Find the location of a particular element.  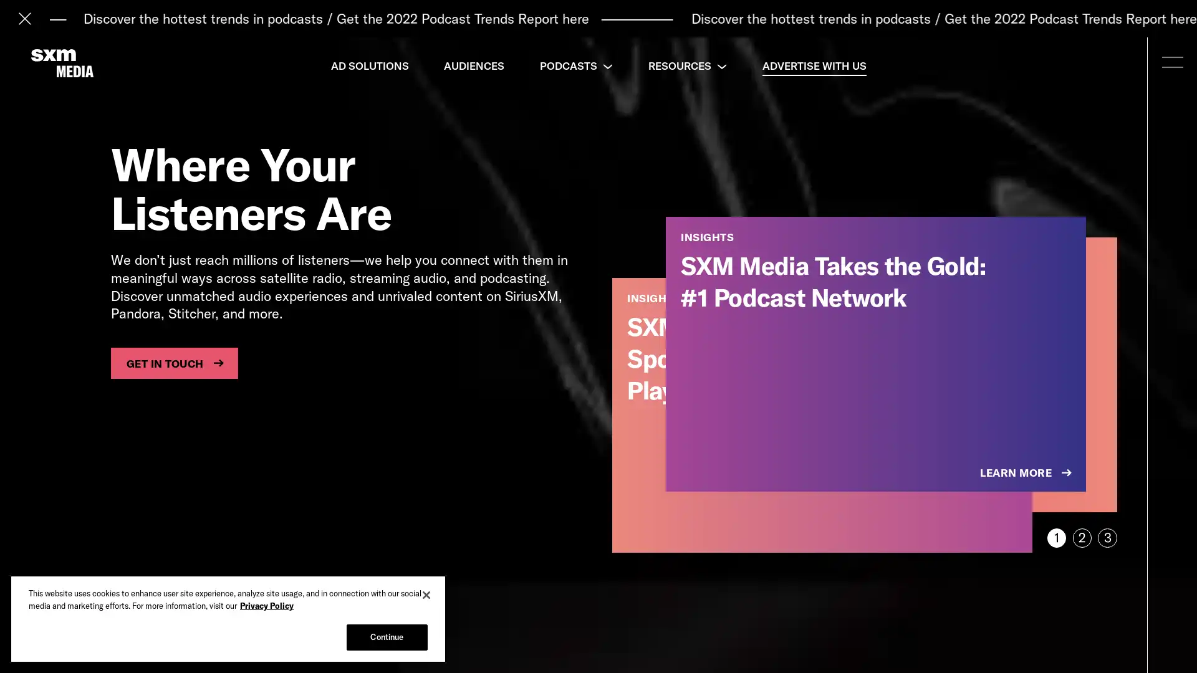

1 is located at coordinates (1055, 537).